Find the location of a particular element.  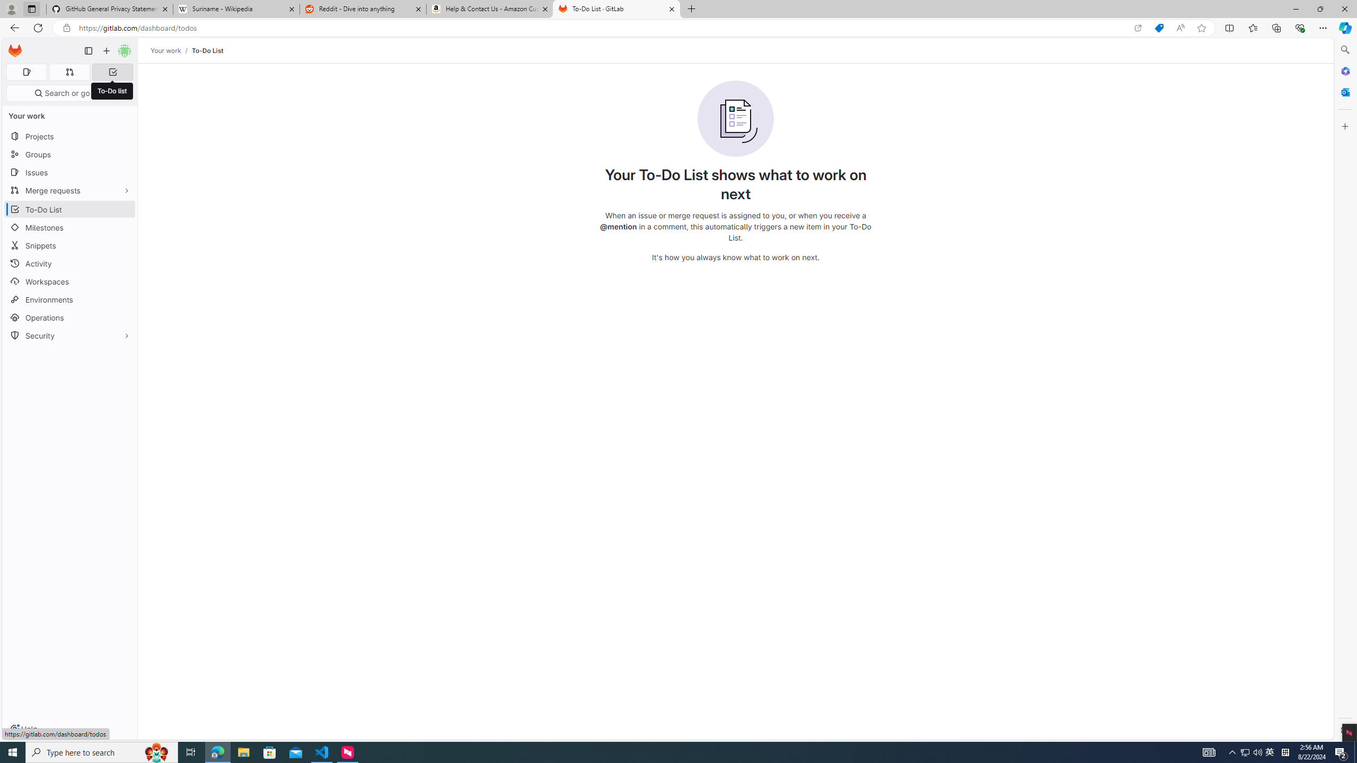

'To-Do list' is located at coordinates (112, 91).